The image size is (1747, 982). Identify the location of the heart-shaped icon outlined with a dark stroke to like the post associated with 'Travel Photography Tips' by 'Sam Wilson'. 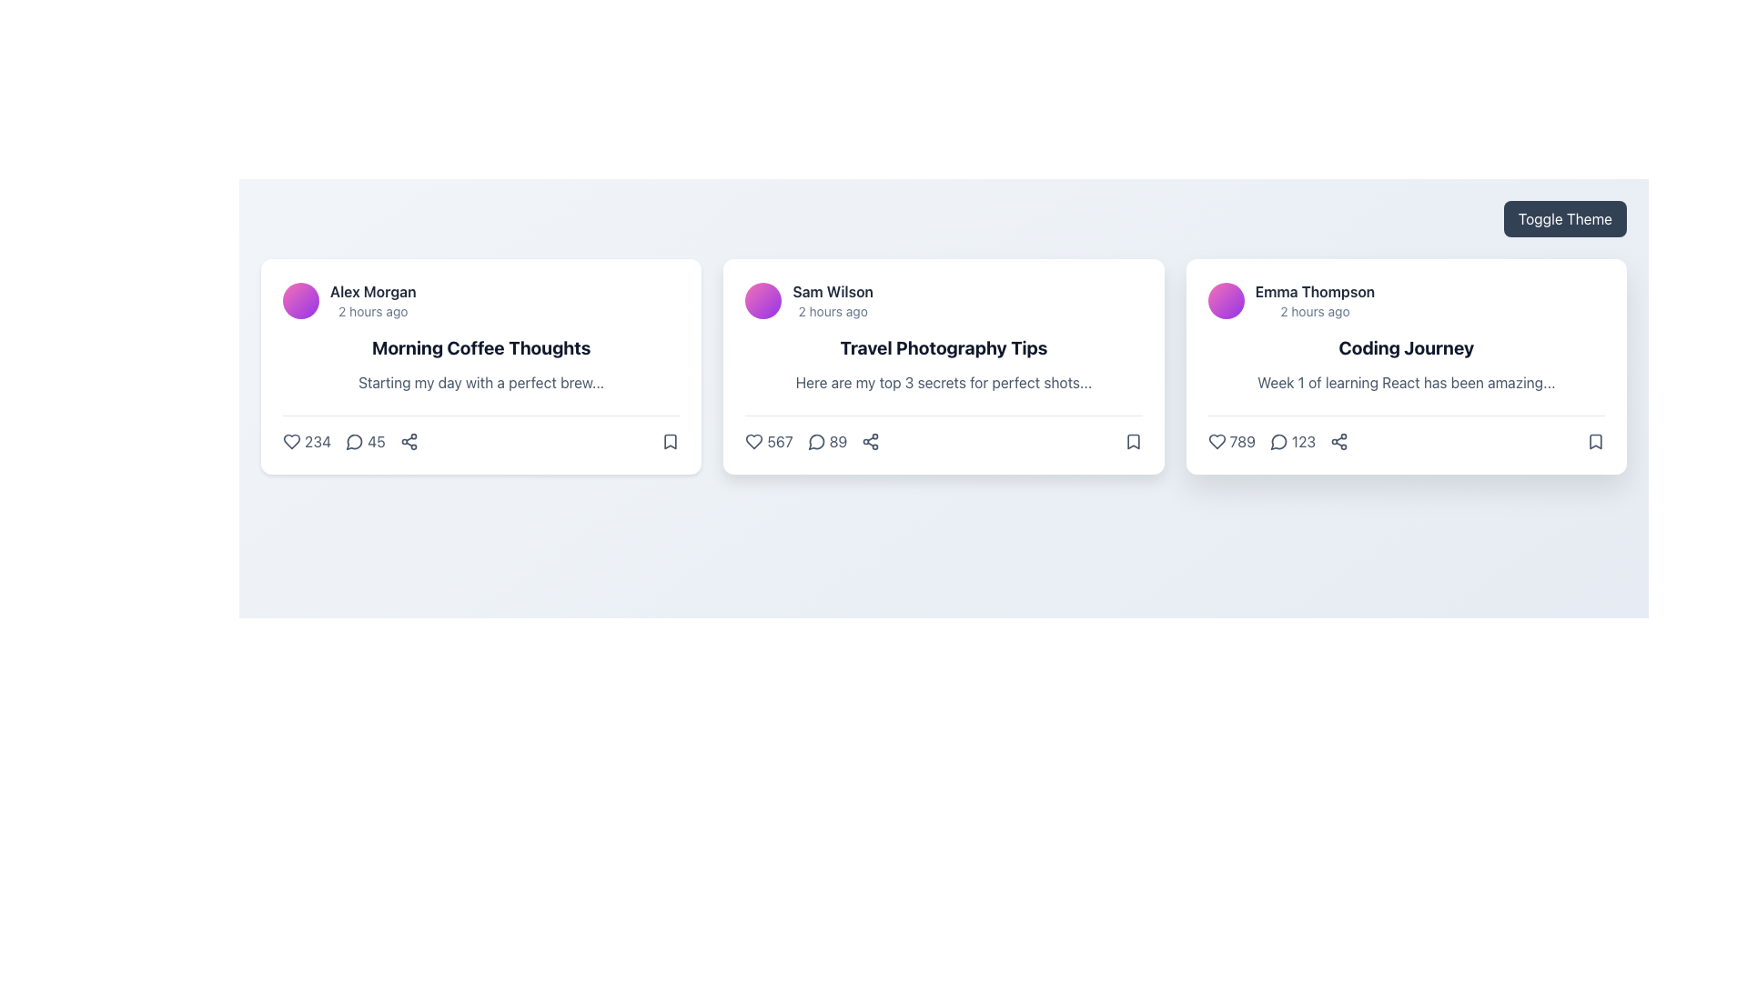
(754, 442).